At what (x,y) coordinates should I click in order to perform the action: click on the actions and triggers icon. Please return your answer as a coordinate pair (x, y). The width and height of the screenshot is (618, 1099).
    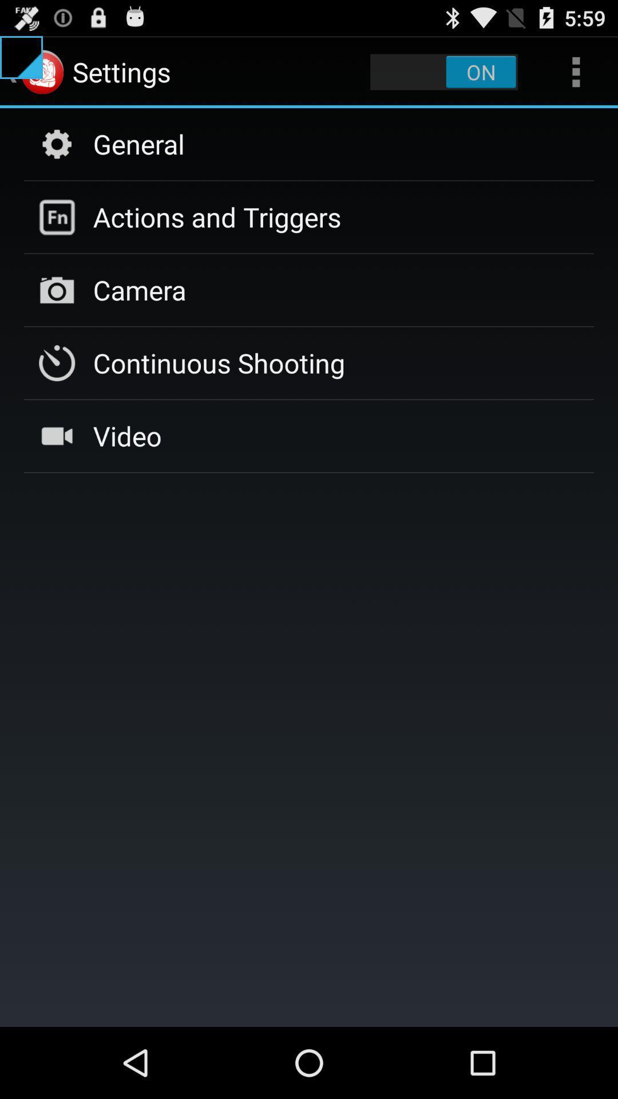
    Looking at the image, I should click on (217, 217).